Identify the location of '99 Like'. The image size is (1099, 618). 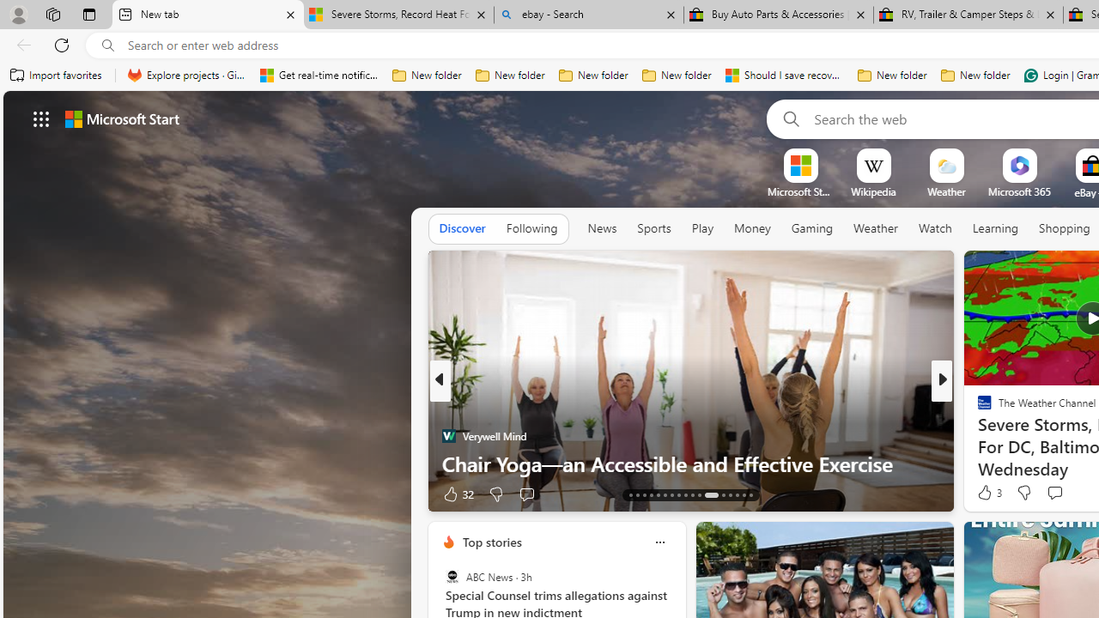
(987, 494).